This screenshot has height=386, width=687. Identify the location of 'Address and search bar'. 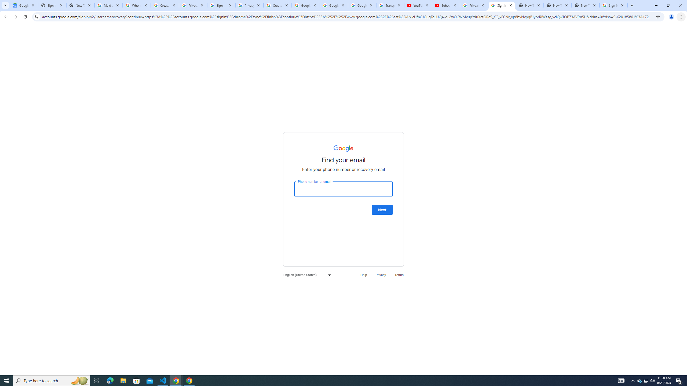
(347, 16).